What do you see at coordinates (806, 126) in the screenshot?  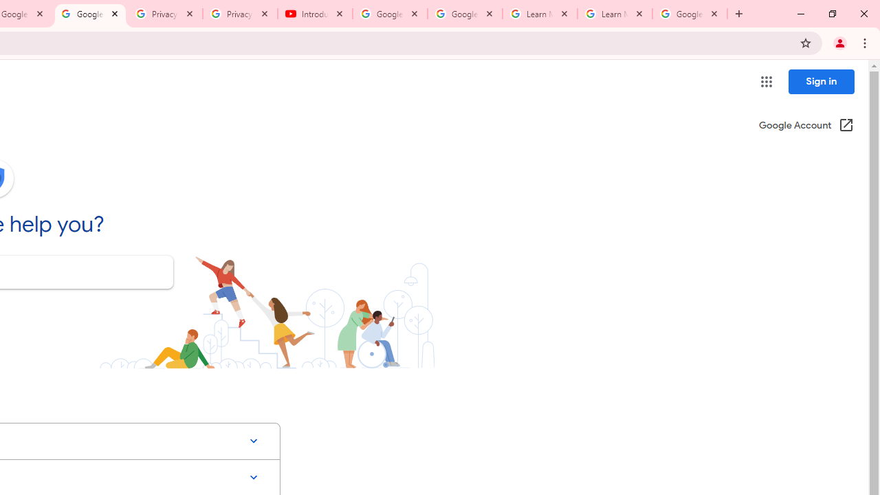 I see `'Google Account (Open in a new window)'` at bounding box center [806, 126].